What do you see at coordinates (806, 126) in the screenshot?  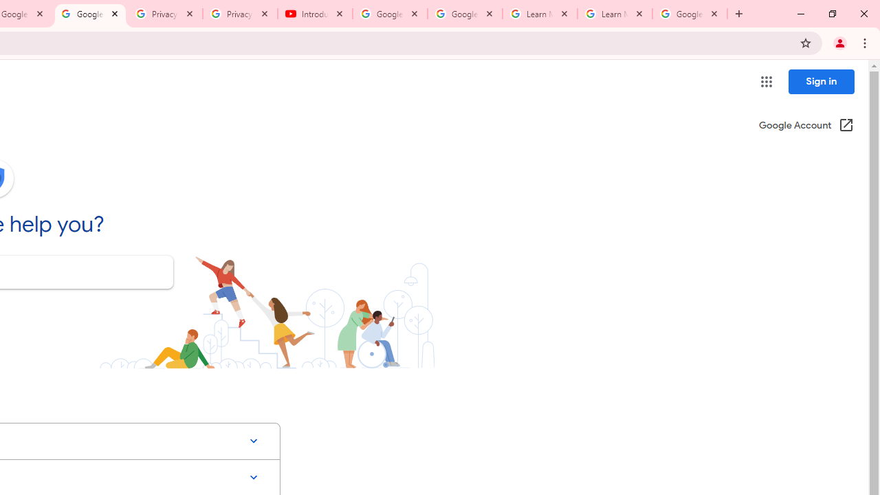 I see `'Google Account (Open in a new window)'` at bounding box center [806, 126].